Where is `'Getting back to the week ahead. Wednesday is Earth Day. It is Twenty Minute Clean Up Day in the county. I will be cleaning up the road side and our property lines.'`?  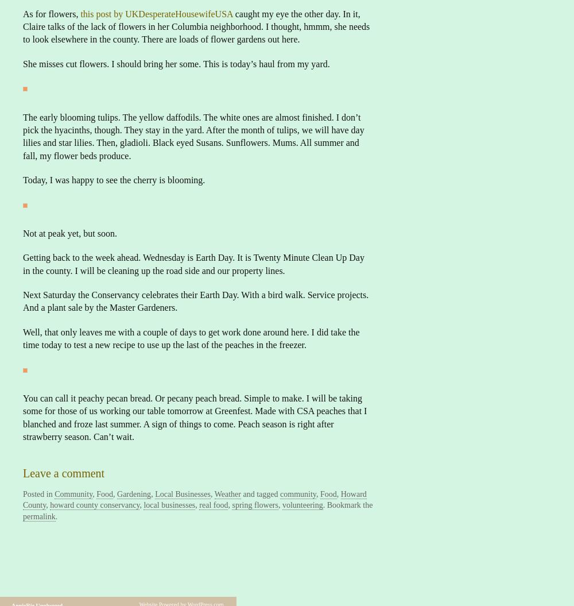 'Getting back to the week ahead. Wednesday is Earth Day. It is Twenty Minute Clean Up Day in the county. I will be cleaning up the road side and our property lines.' is located at coordinates (193, 263).